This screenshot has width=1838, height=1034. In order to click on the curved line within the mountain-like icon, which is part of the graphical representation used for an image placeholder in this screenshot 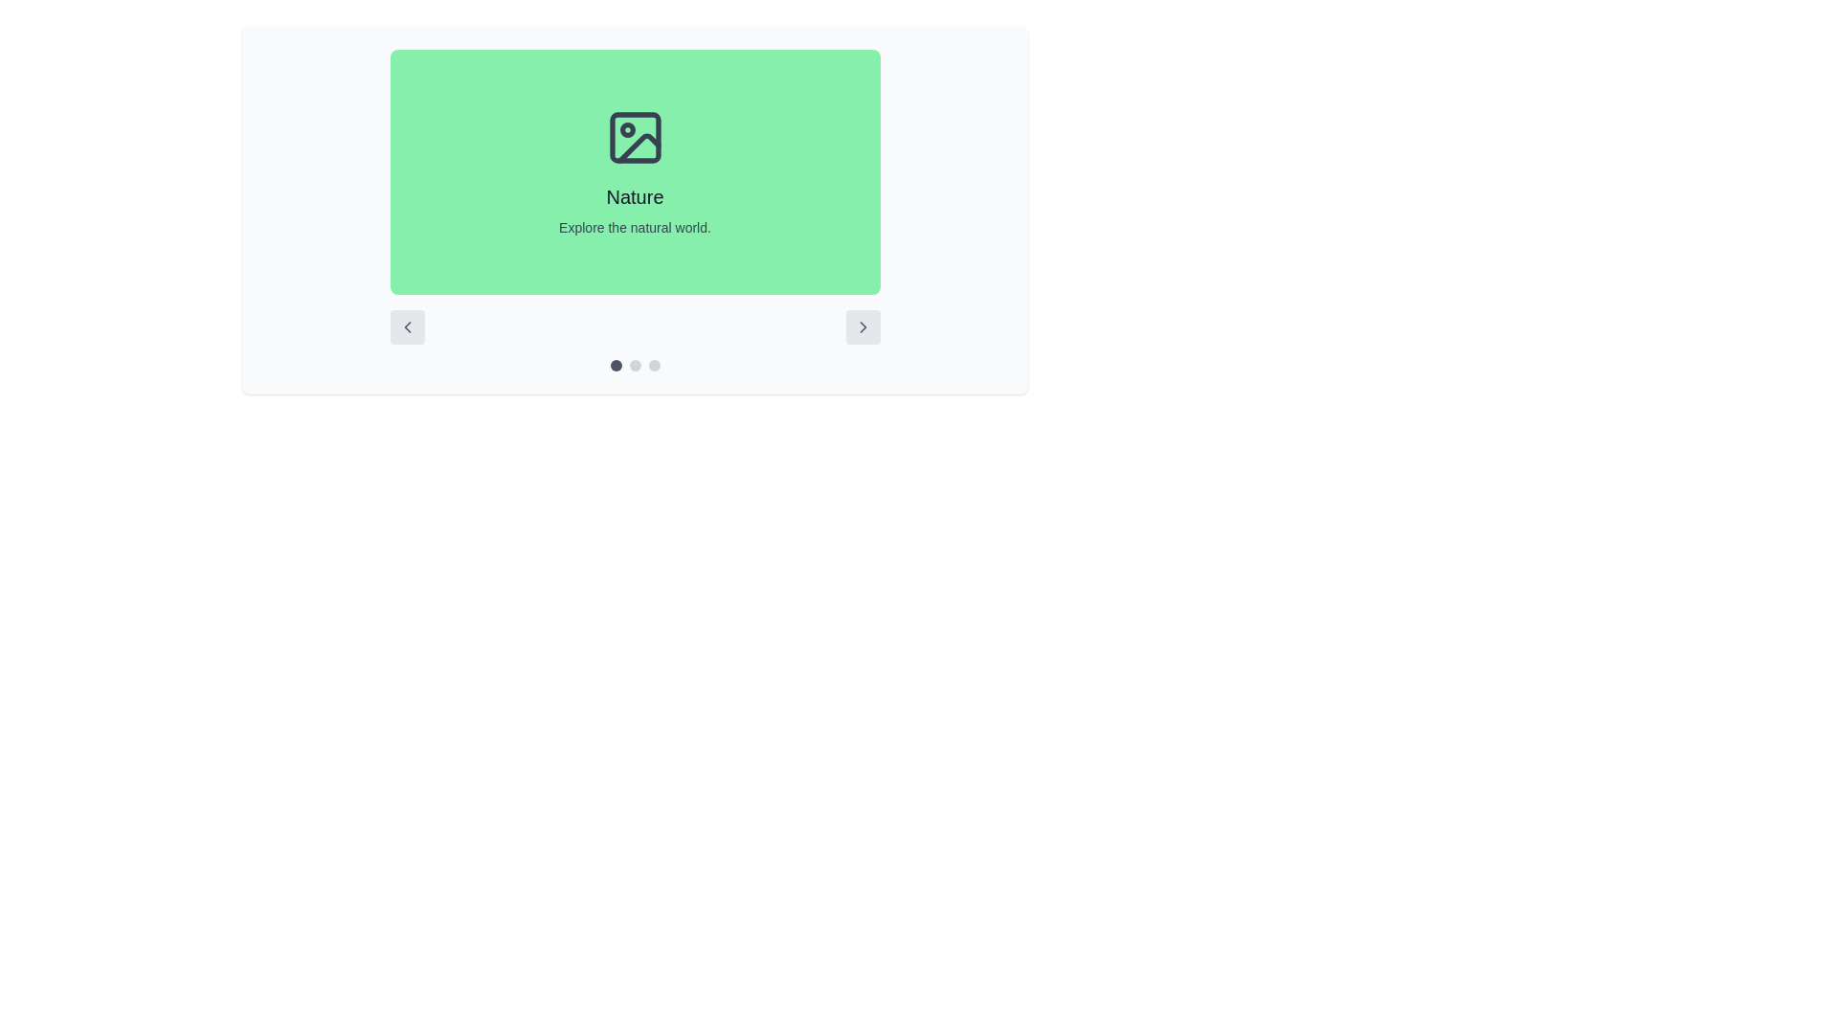, I will do `click(639, 147)`.